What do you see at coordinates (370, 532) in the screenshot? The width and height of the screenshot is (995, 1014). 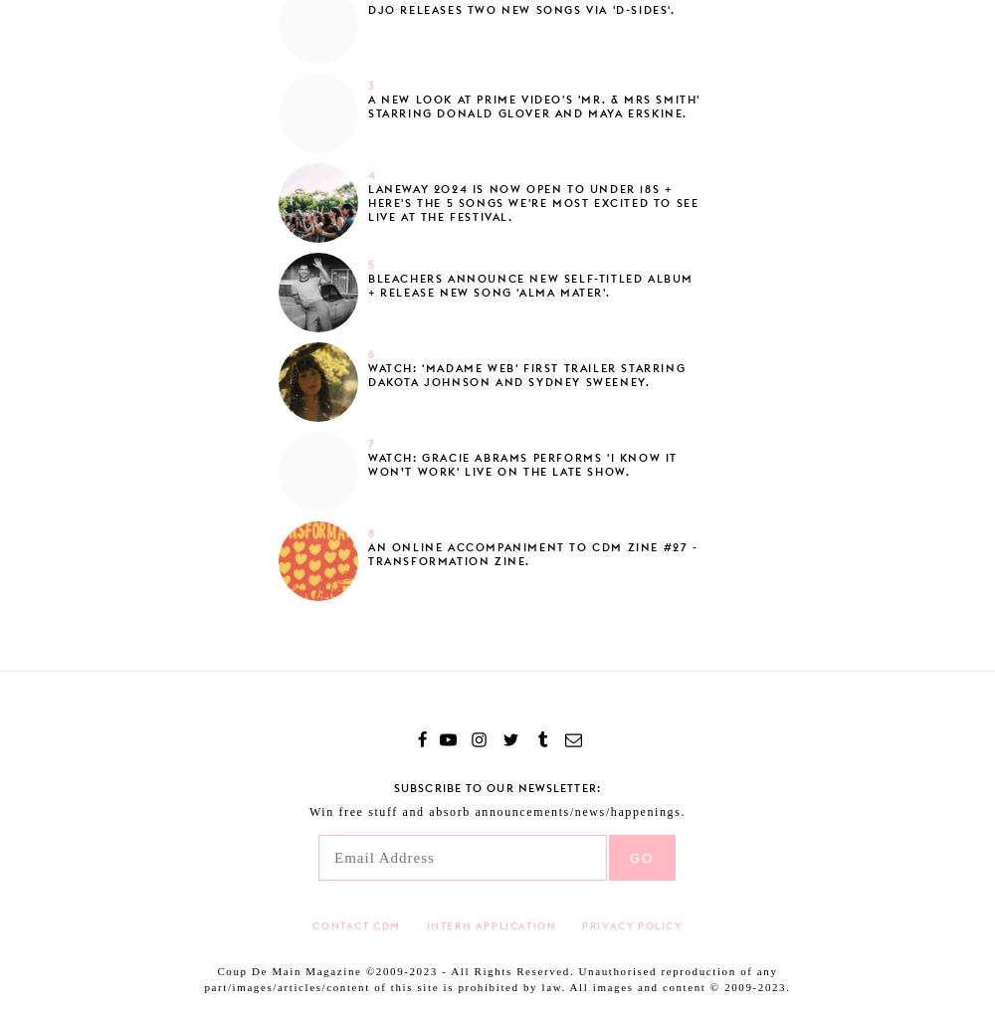 I see `'8'` at bounding box center [370, 532].